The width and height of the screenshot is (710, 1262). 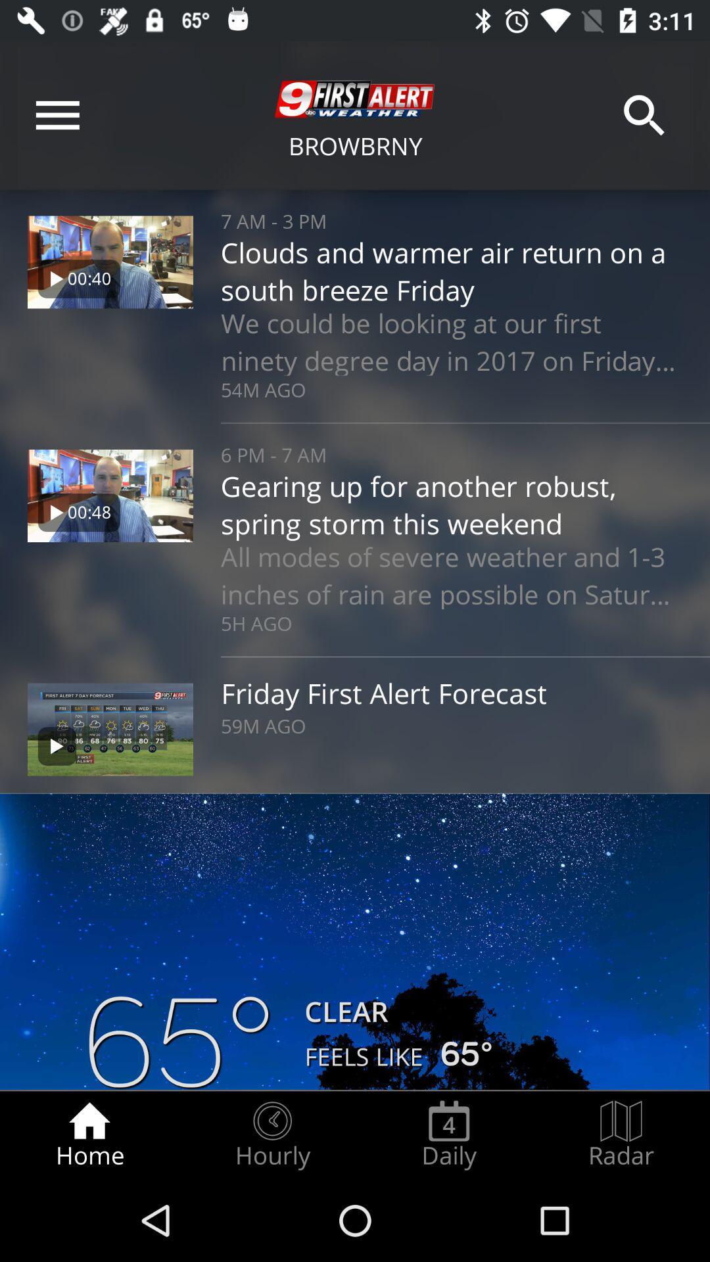 What do you see at coordinates (272, 1134) in the screenshot?
I see `the icon next to the home` at bounding box center [272, 1134].